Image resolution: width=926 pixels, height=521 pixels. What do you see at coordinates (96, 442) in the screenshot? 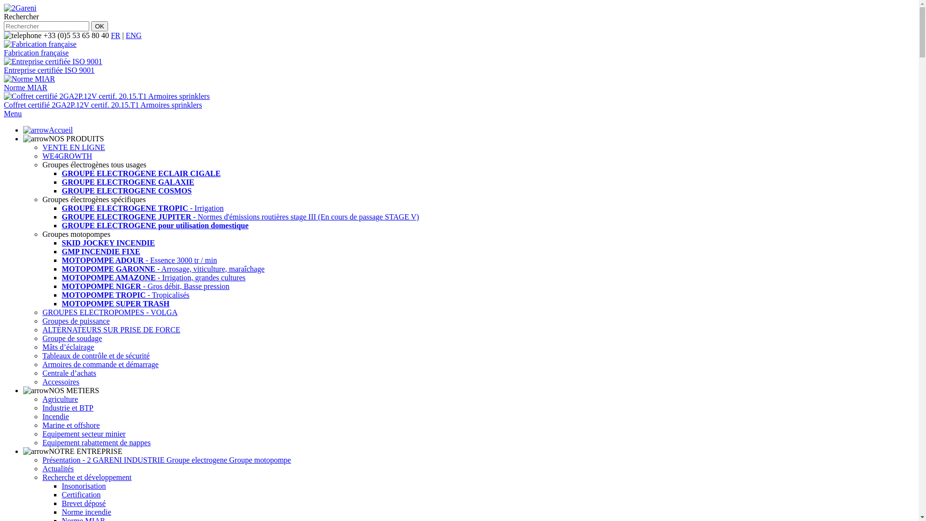
I see `'Equipement rabattement de nappes'` at bounding box center [96, 442].